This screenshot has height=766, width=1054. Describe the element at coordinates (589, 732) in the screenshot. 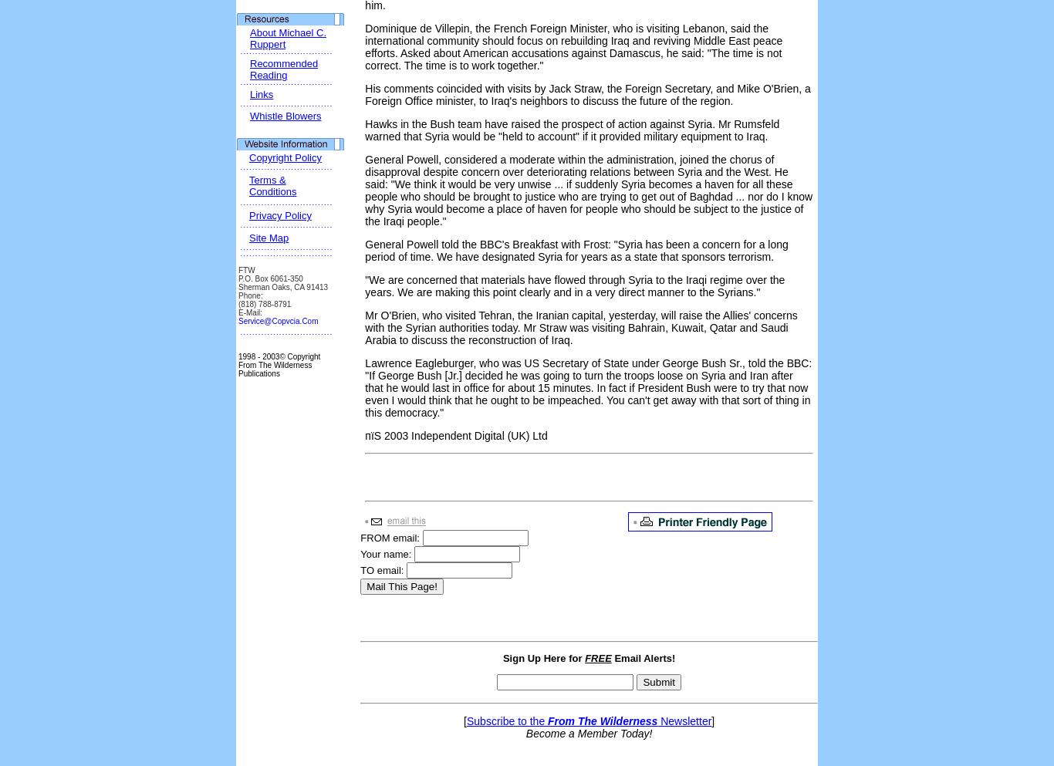

I see `'Become a Member Today!'` at that location.